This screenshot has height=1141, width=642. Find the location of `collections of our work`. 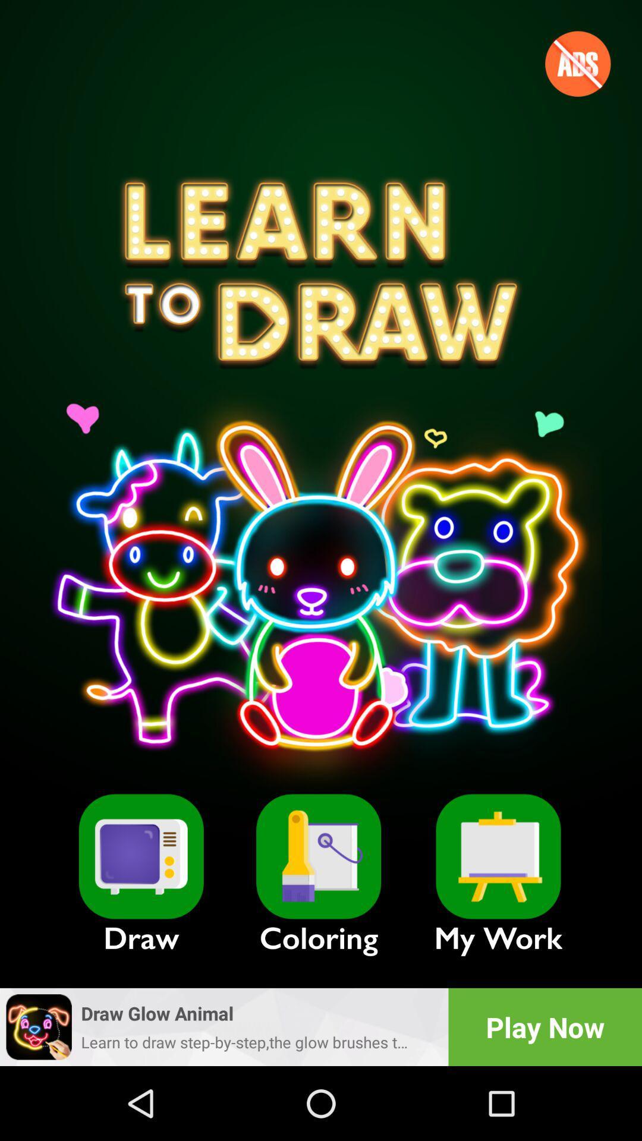

collections of our work is located at coordinates (498, 856).